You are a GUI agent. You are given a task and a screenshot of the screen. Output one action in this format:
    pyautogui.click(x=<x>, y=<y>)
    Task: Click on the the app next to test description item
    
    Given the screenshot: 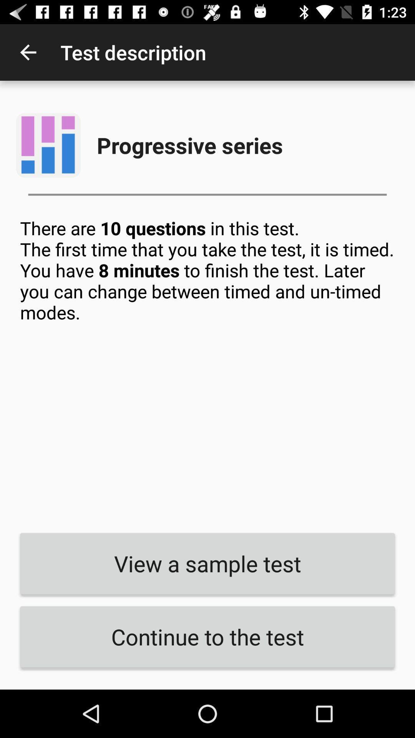 What is the action you would take?
    pyautogui.click(x=28, y=52)
    